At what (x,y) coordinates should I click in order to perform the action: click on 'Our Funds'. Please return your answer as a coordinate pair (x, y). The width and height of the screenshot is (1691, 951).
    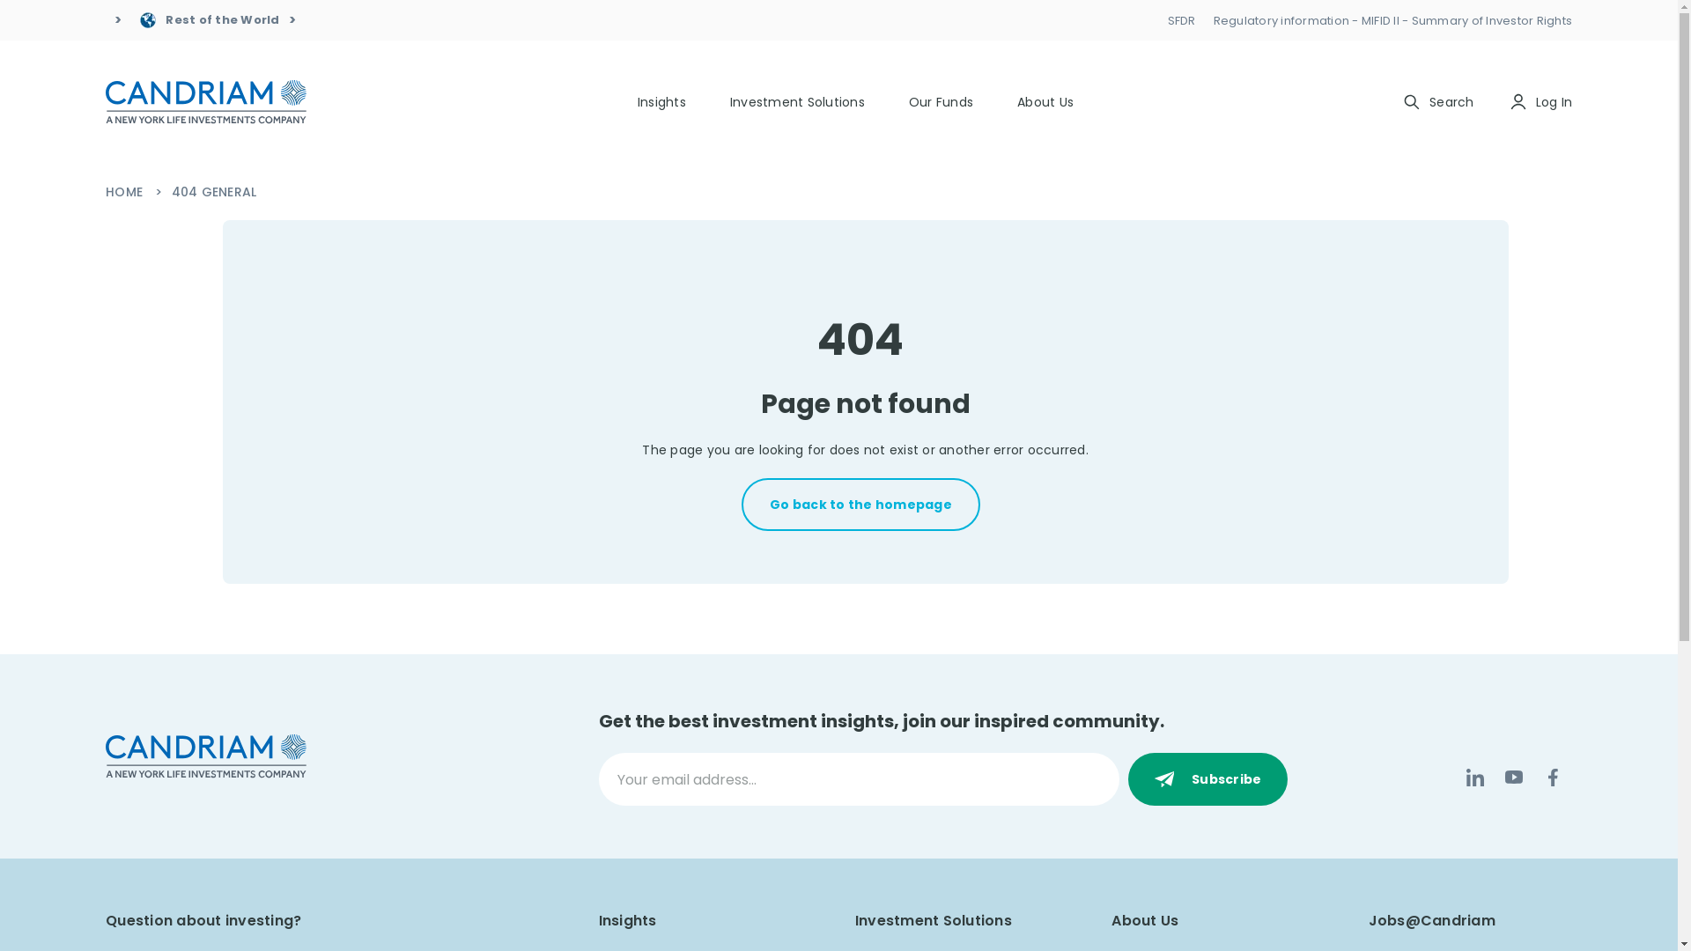
    Looking at the image, I should click on (940, 101).